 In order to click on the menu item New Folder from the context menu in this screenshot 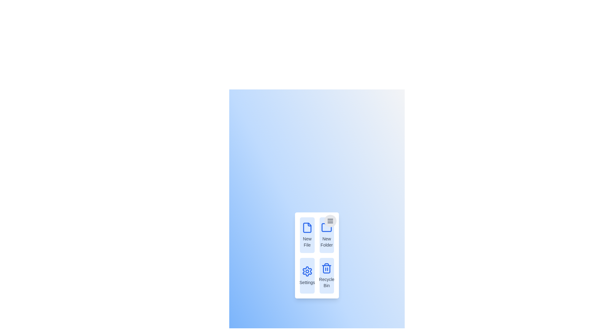, I will do `click(326, 235)`.